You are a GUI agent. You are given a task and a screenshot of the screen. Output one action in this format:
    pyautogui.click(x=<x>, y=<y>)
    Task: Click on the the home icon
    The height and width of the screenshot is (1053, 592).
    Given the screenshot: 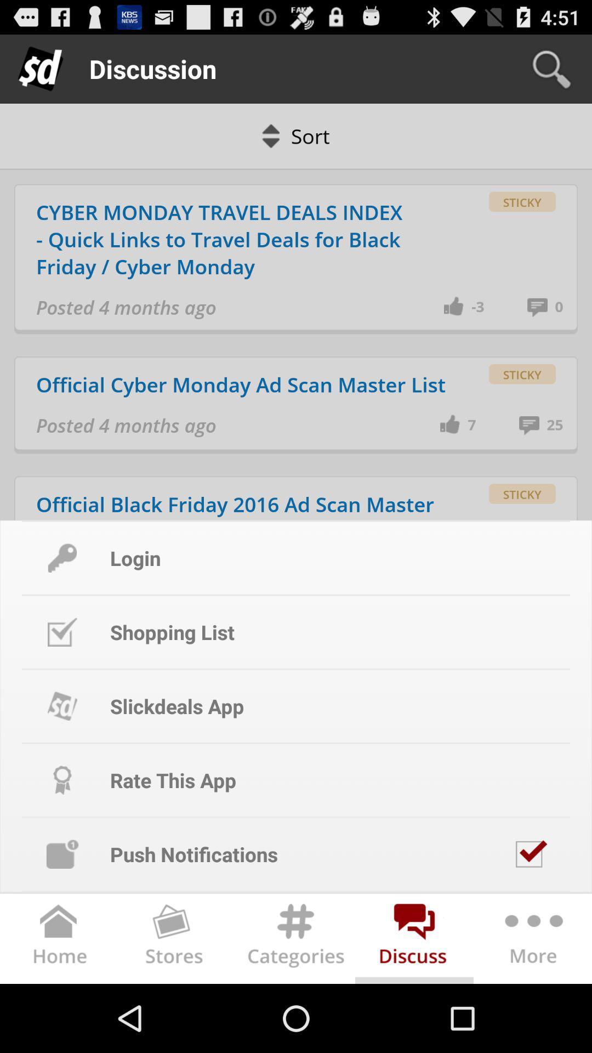 What is the action you would take?
    pyautogui.click(x=59, y=1007)
    